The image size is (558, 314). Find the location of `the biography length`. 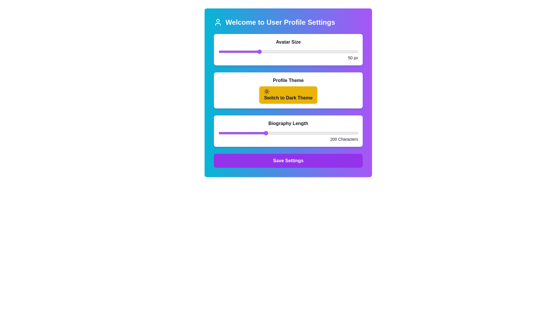

the biography length is located at coordinates (303, 133).